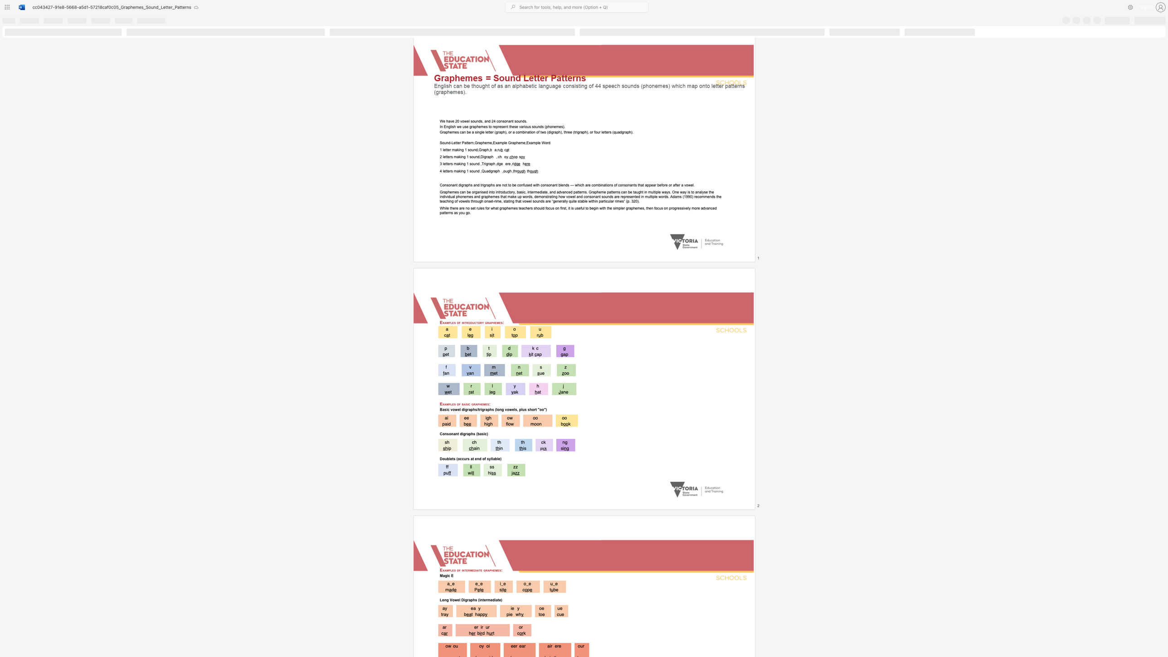  Describe the element at coordinates (472, 143) in the screenshot. I see `the space between the continuous character "n" and "," in the text` at that location.